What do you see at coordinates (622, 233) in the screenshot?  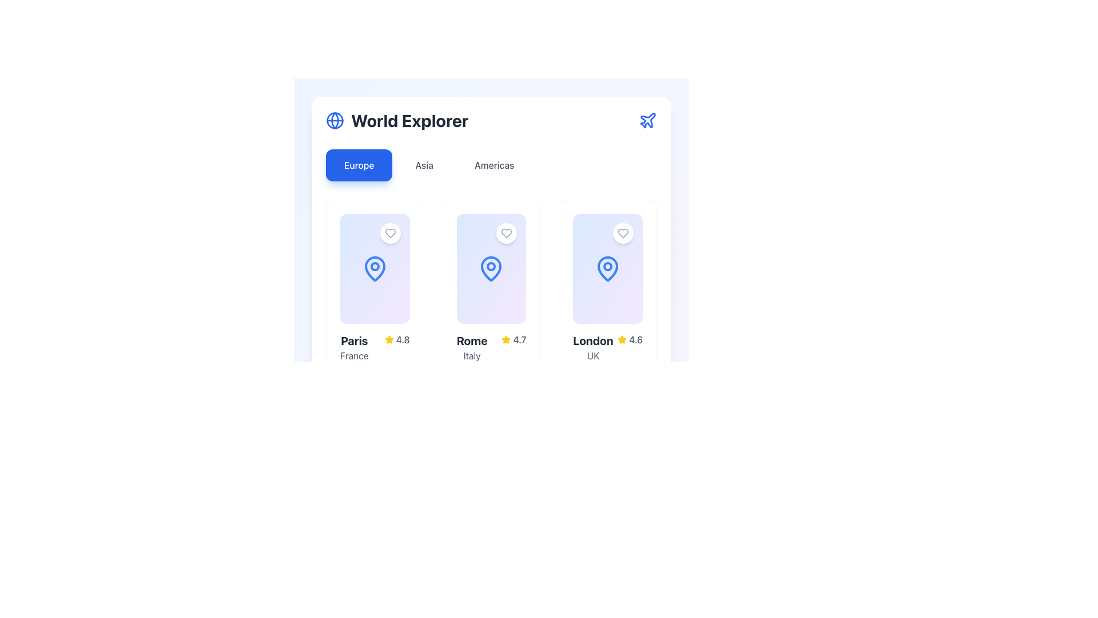 I see `the heart-shaped icon located at the top-right corner of the third card representing 'London'` at bounding box center [622, 233].